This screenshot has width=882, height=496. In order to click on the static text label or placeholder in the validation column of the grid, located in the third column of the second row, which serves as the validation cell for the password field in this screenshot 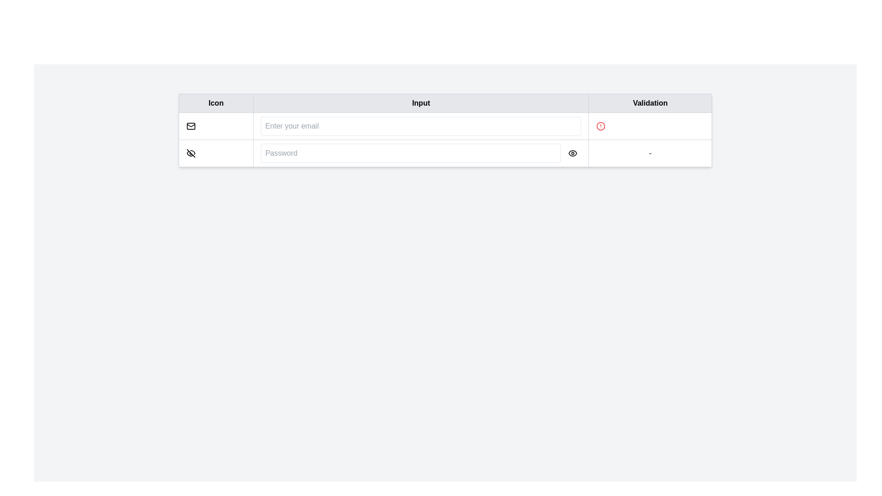, I will do `click(650, 153)`.